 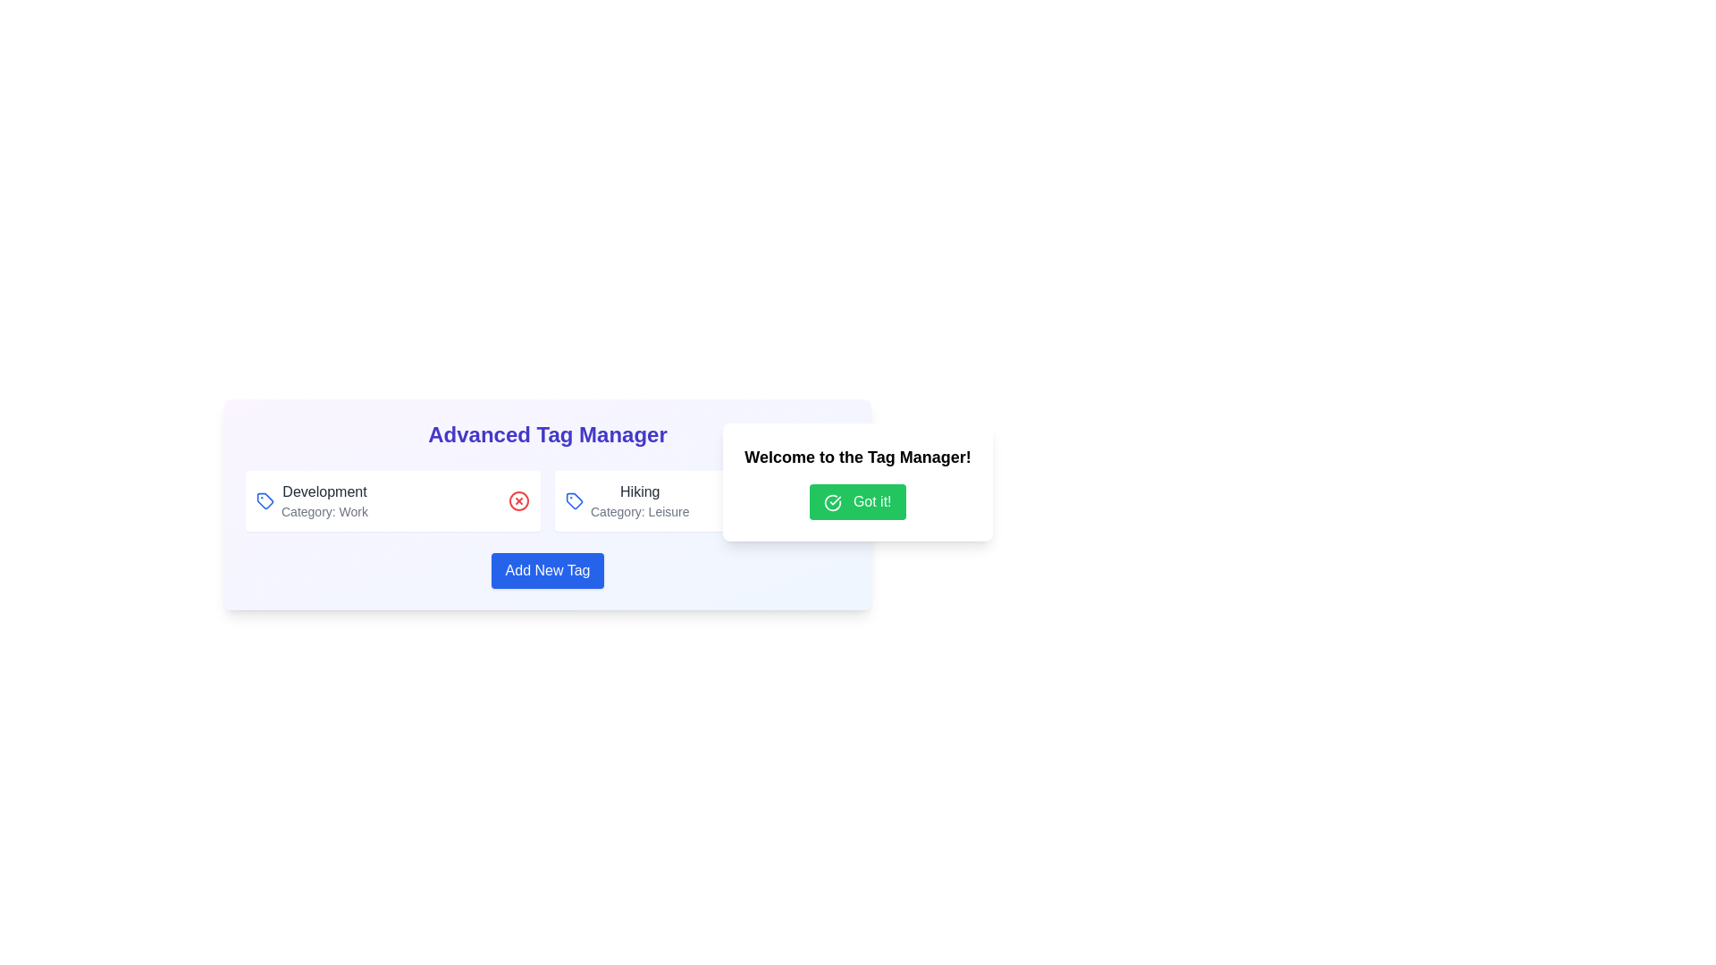 I want to click on the 'Add New Tag' button with a blue background and white text, so click(x=547, y=571).